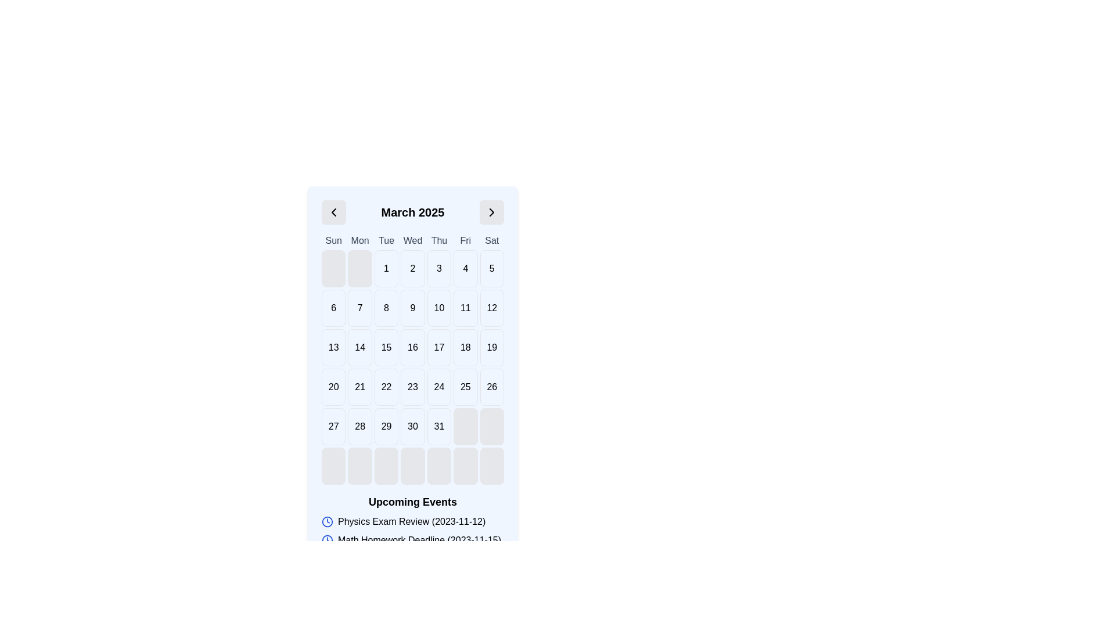  What do you see at coordinates (412, 308) in the screenshot?
I see `the Date cell representing the 9th day of the month in the calendar grid, located in the fourth row and fourth column, between the elements labeled '8' and '10'` at bounding box center [412, 308].